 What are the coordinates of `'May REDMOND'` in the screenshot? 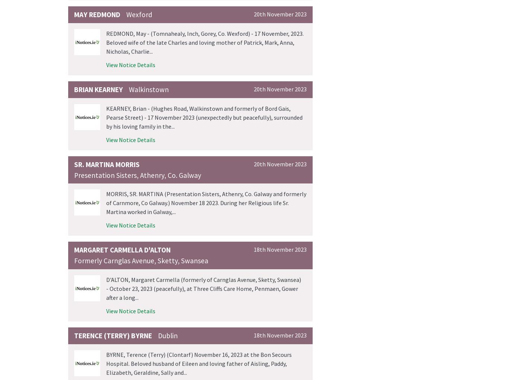 It's located at (97, 14).